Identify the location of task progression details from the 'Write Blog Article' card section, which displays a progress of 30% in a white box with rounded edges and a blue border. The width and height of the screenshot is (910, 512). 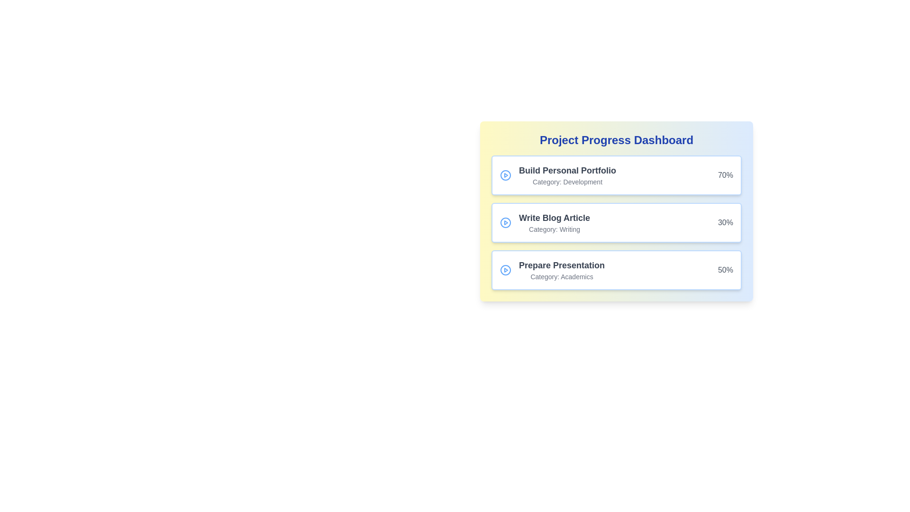
(616, 223).